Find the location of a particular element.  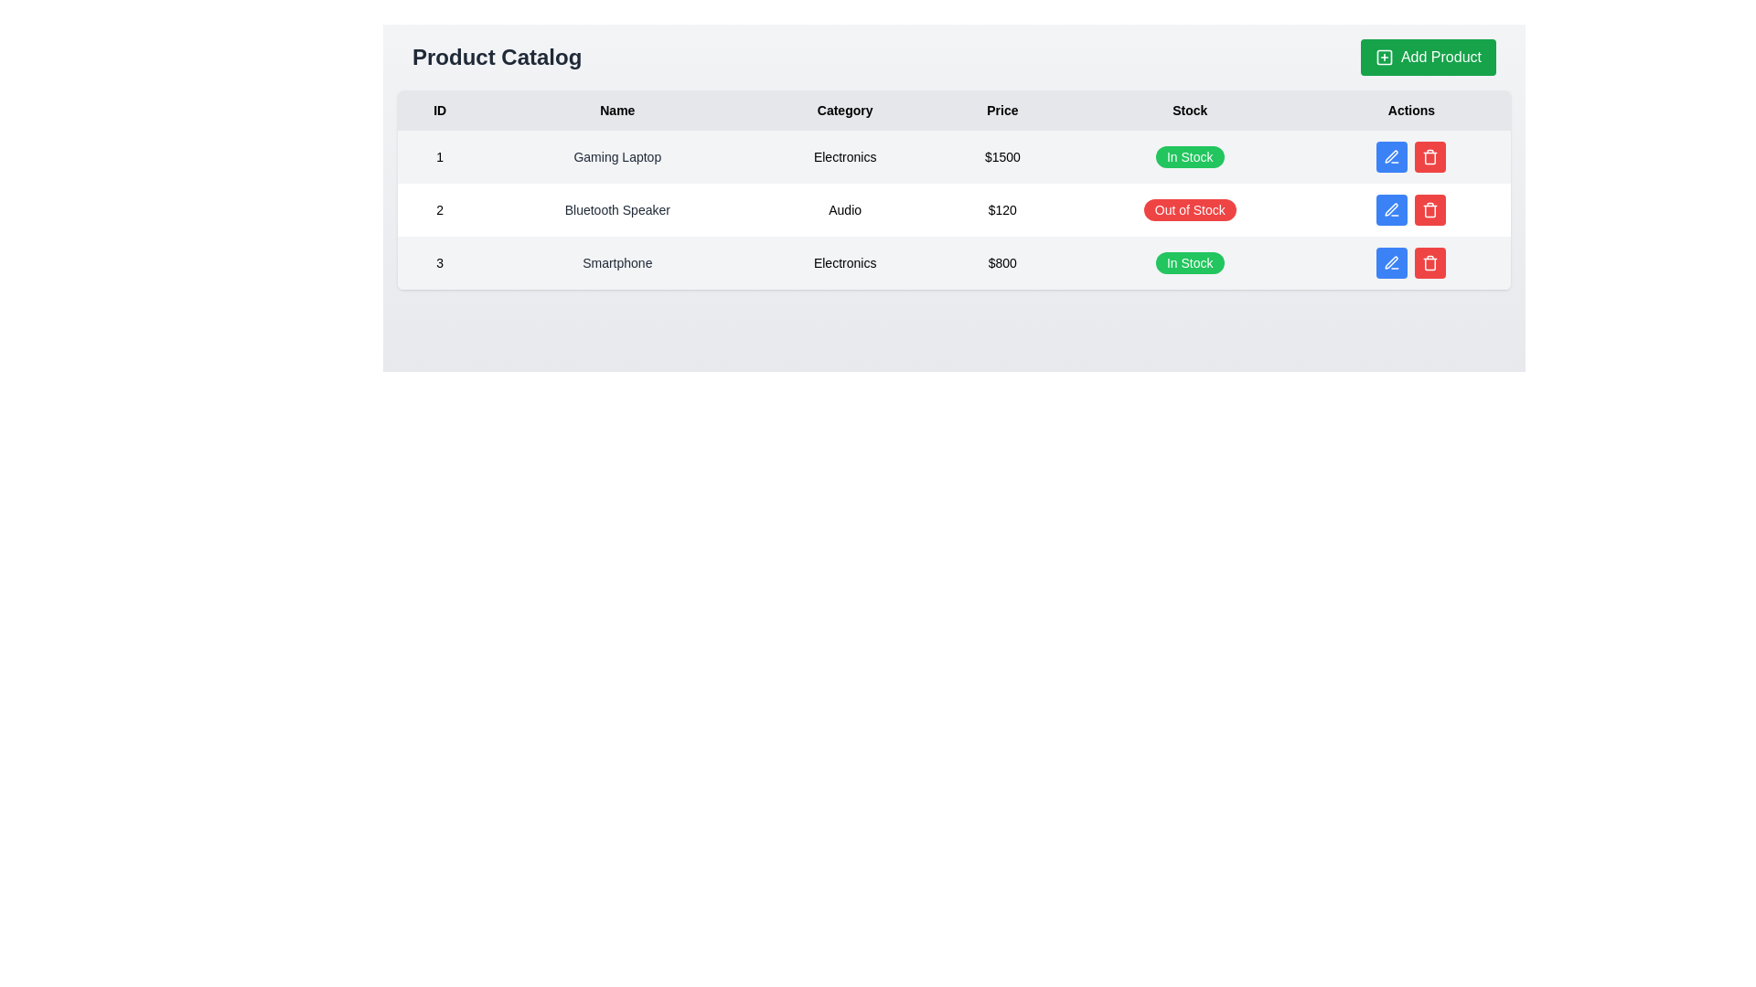

and interpret the details of the product in the third row of the product catalog table, which includes the product ID (3), name (Smartphone), category (Electronics), price ($800), and stock status (In Stock) is located at coordinates (953, 263).